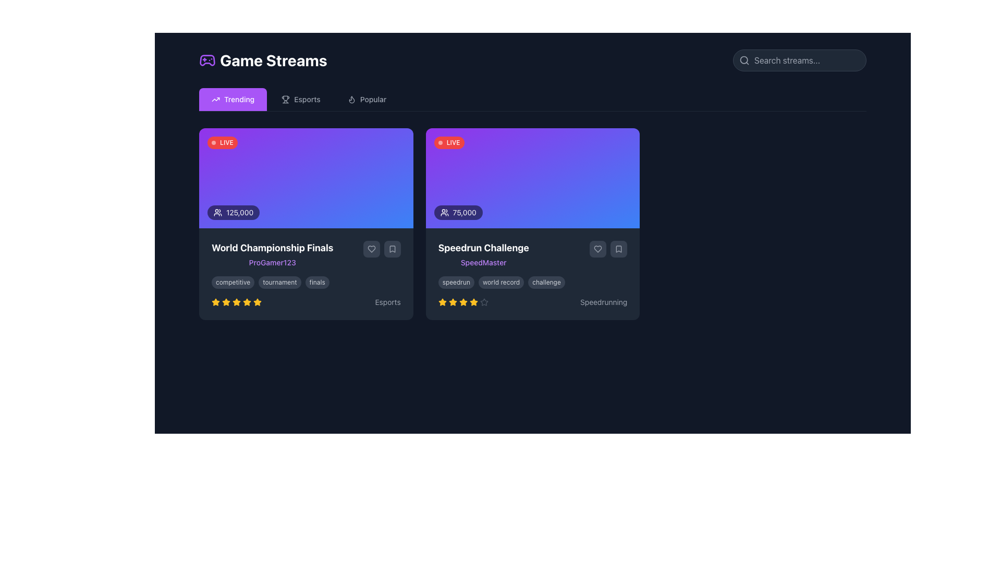  Describe the element at coordinates (371, 249) in the screenshot. I see `the second button from the left in the horizontal group at the bottom-right of the 'World Championship Finals' card` at that location.